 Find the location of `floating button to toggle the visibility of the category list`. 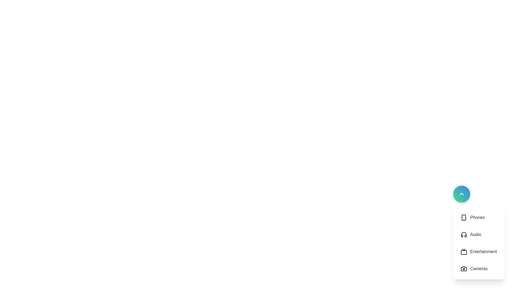

floating button to toggle the visibility of the category list is located at coordinates (461, 194).